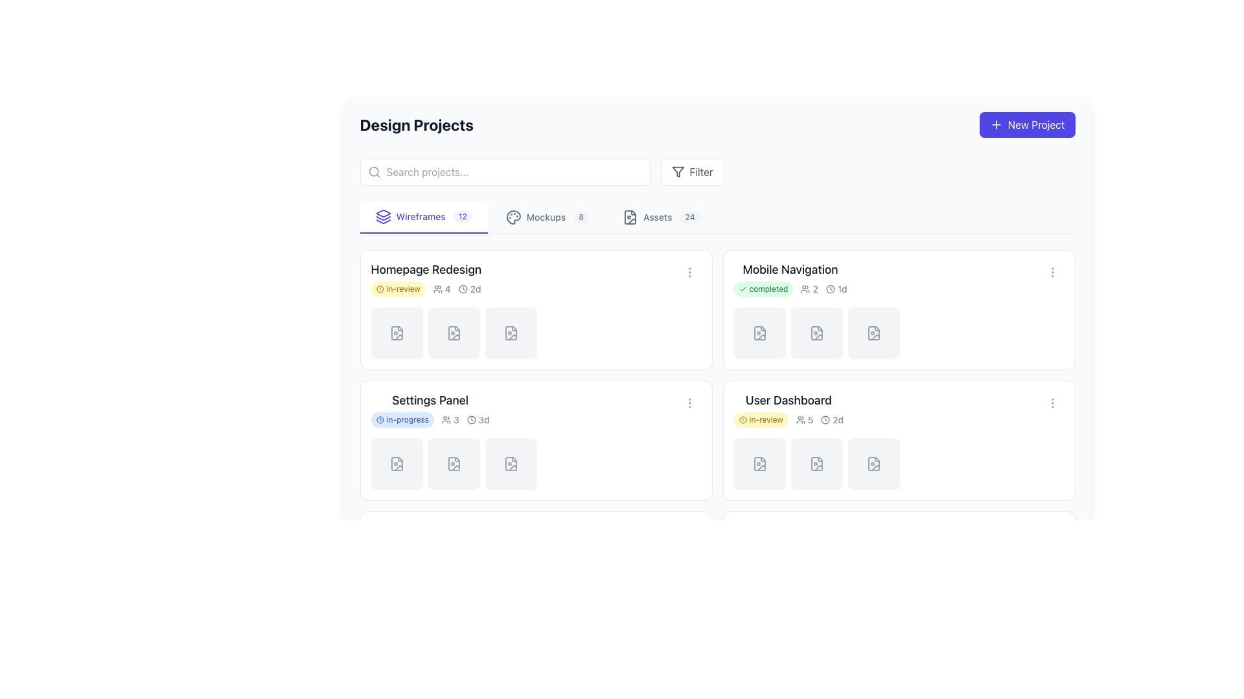 Image resolution: width=1244 pixels, height=699 pixels. Describe the element at coordinates (759, 333) in the screenshot. I see `the small gray file outline icon with an embedded image graphic located in the 'Mobile Navigation' project card, specifically the second icon from the left in the 'Design Projects' category` at that location.